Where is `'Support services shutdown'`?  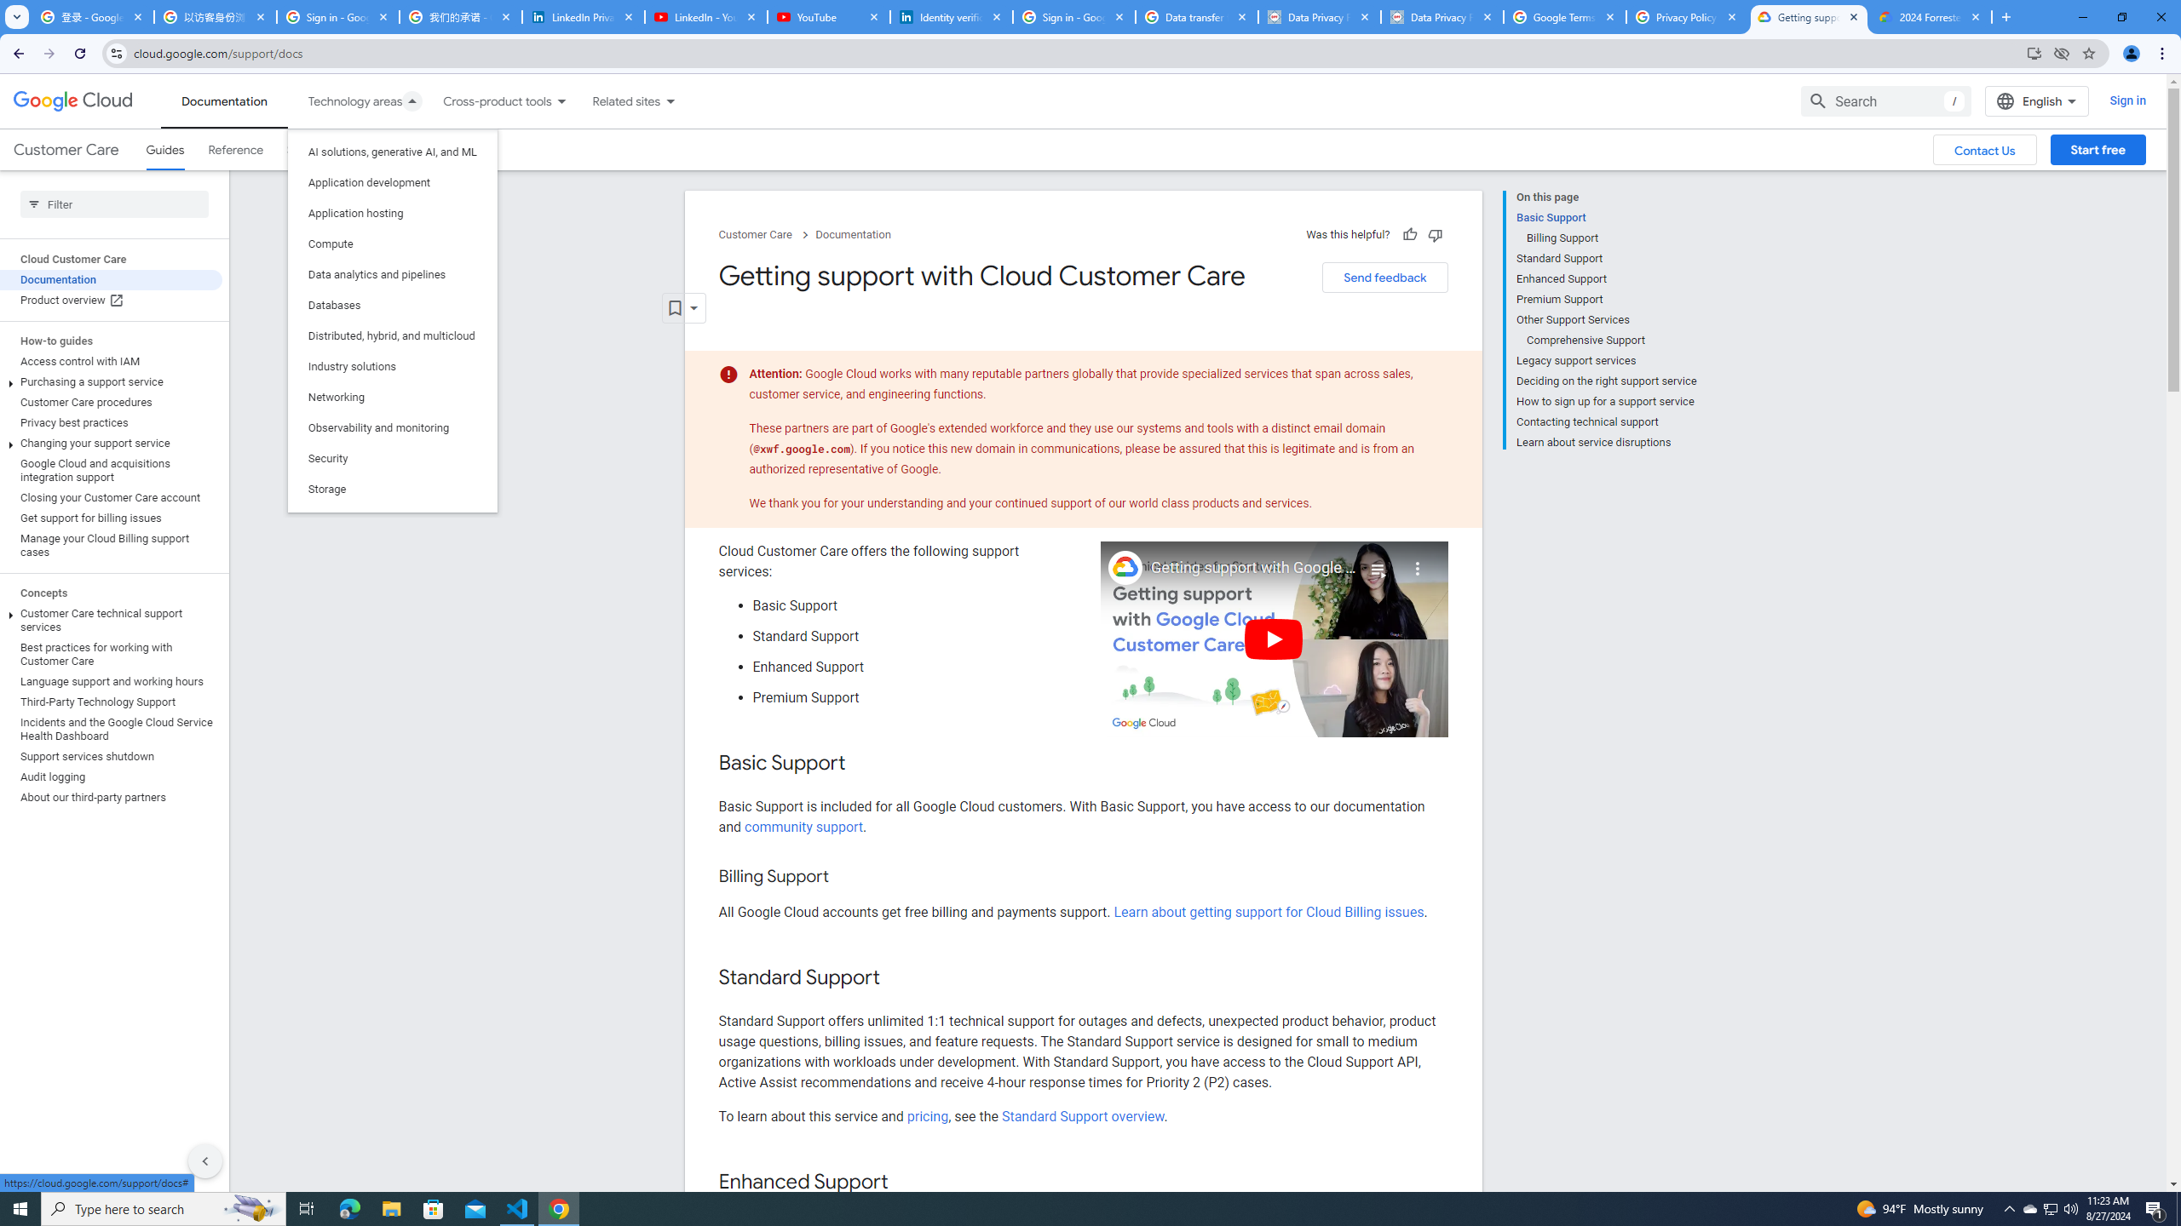
'Support services shutdown' is located at coordinates (111, 756).